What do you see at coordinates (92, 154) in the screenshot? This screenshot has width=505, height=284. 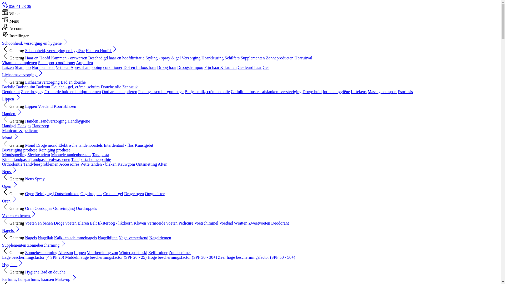 I see `'Tandpasta'` at bounding box center [92, 154].